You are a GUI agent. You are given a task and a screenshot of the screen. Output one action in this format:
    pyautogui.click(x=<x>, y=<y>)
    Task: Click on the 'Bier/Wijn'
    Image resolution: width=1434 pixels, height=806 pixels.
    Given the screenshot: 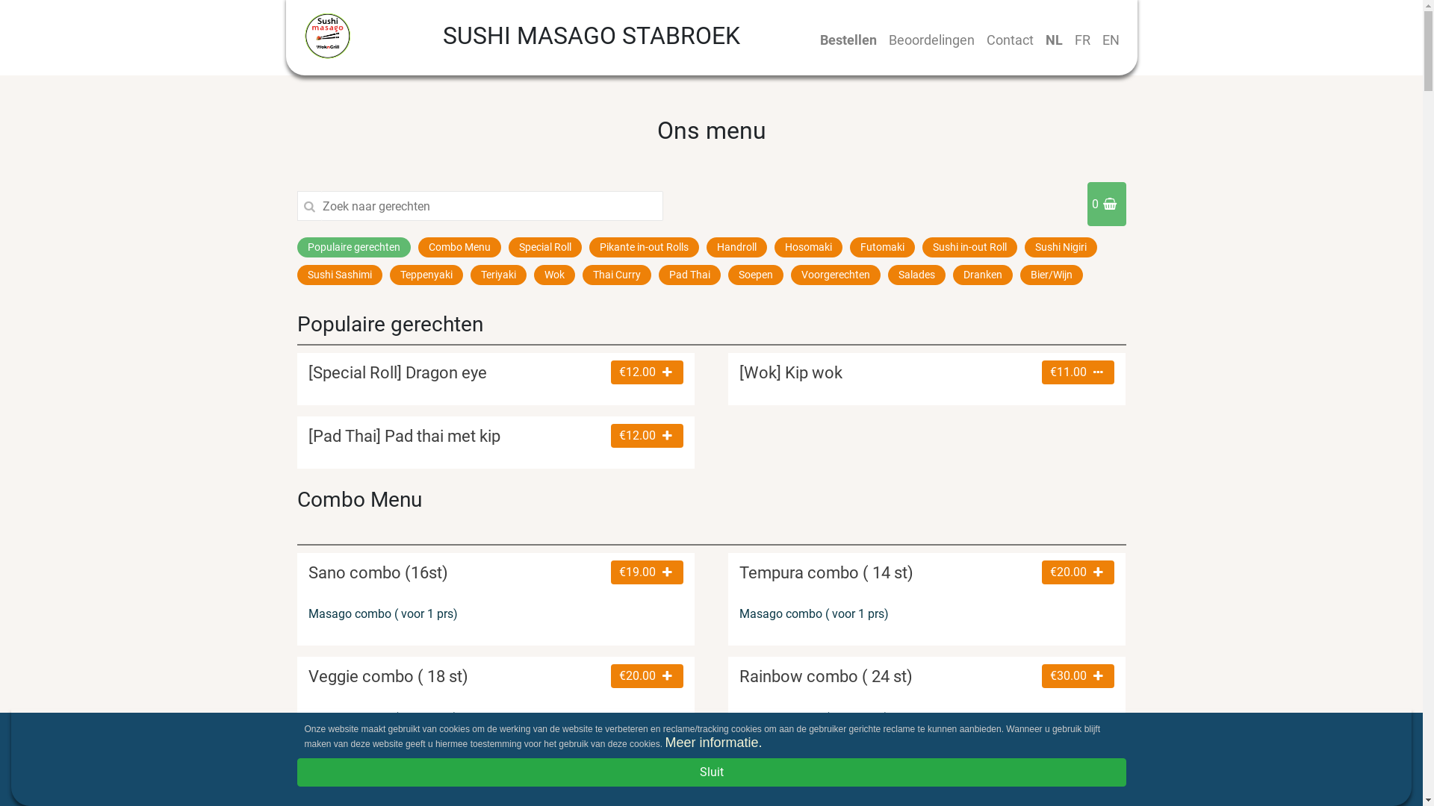 What is the action you would take?
    pyautogui.click(x=1050, y=275)
    